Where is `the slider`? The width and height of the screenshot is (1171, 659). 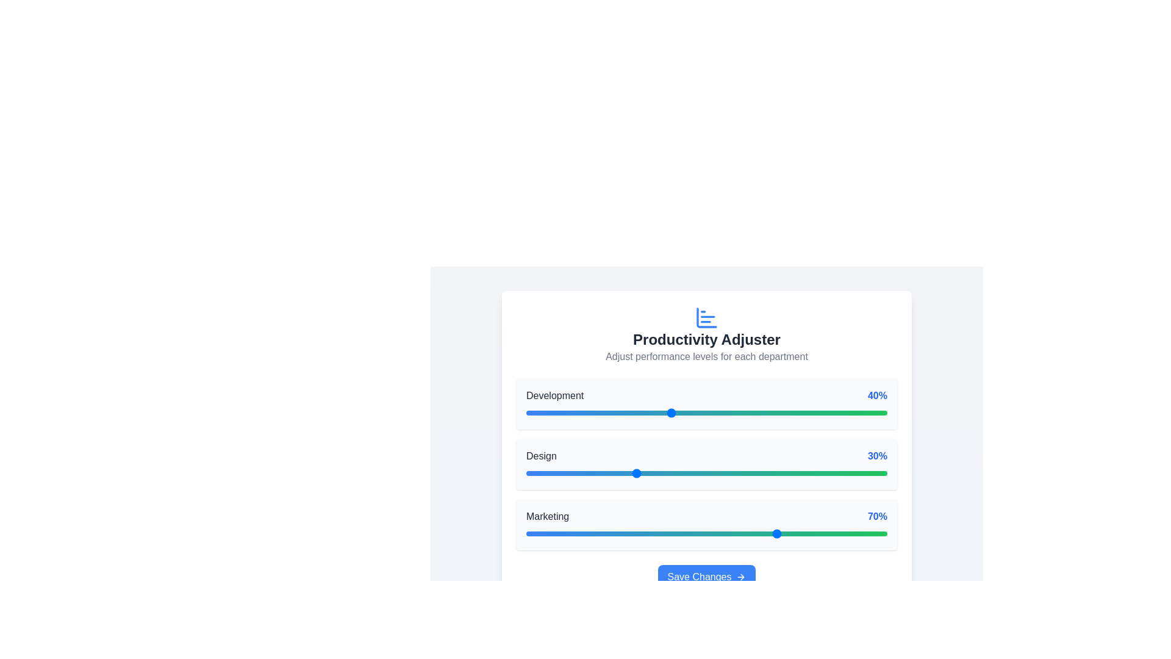 the slider is located at coordinates (771, 472).